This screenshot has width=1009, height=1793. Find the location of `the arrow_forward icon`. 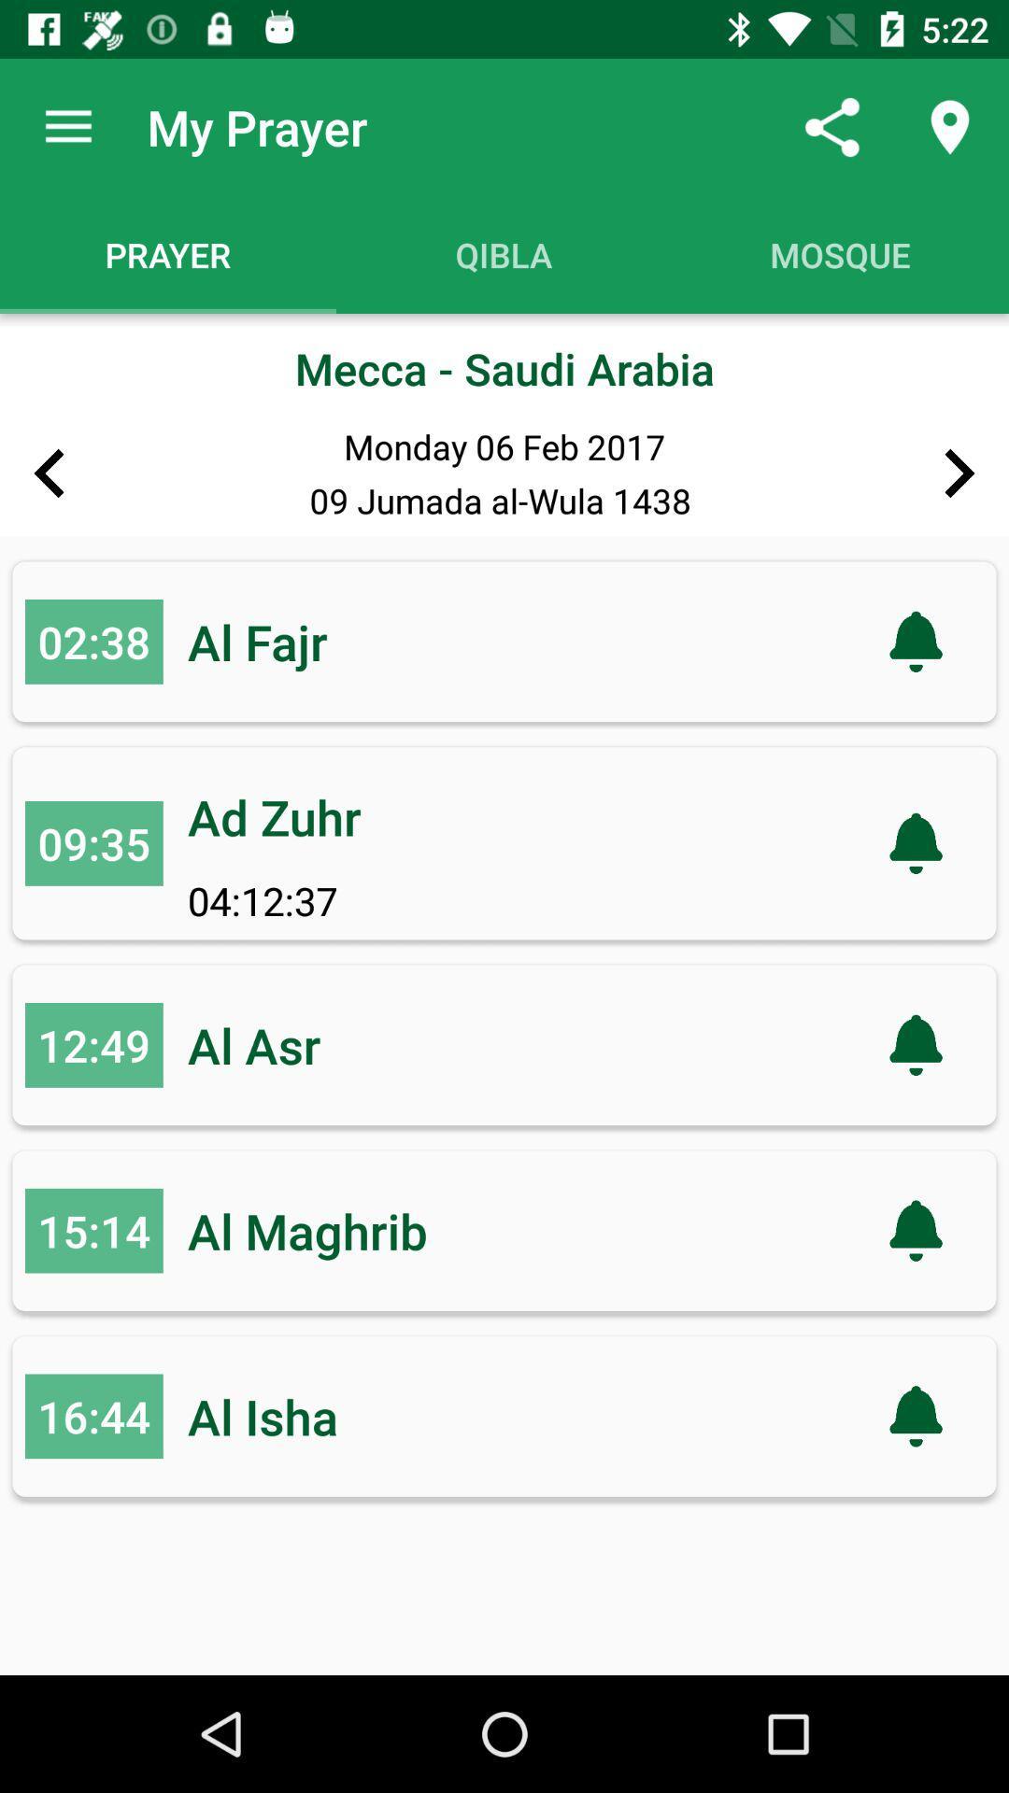

the arrow_forward icon is located at coordinates (959, 473).